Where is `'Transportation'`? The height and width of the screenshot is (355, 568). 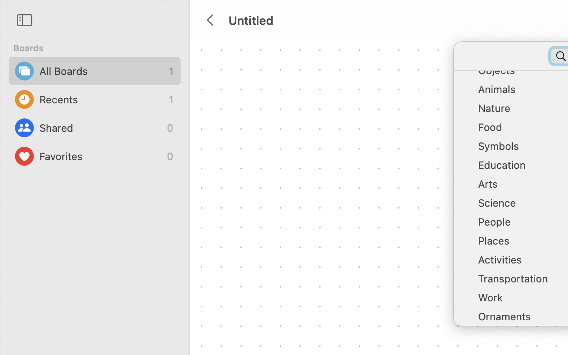 'Transportation' is located at coordinates (521, 281).